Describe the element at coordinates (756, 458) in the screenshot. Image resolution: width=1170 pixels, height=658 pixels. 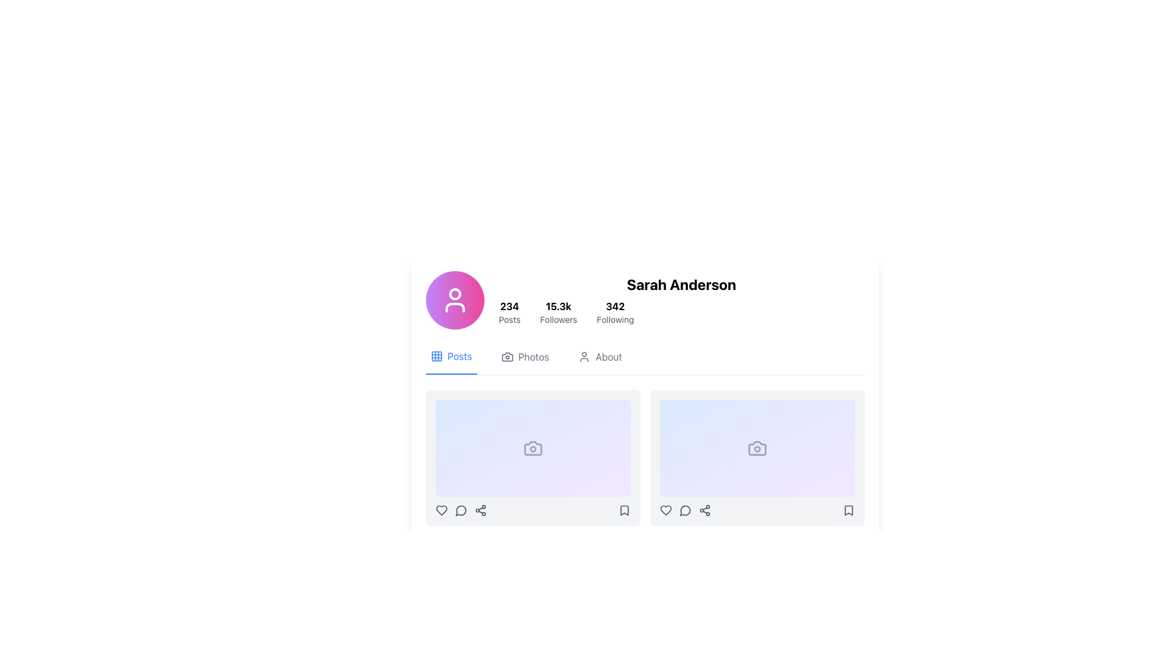
I see `the Image Placeholder Card, which is the second card in a two-column layout on the right` at that location.